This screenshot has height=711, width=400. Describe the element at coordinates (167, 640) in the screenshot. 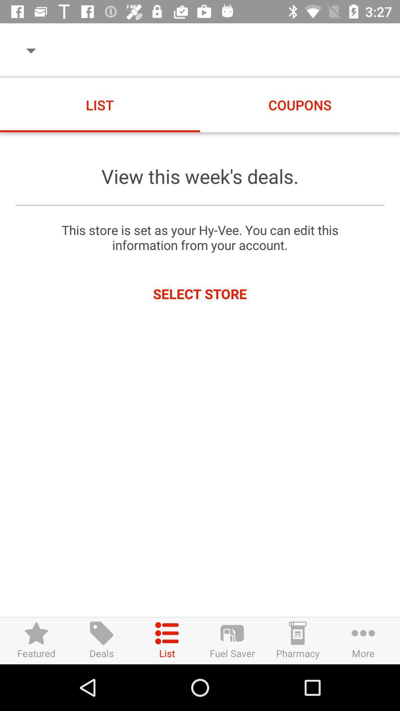

I see `button between the fuel and fuel saver` at that location.